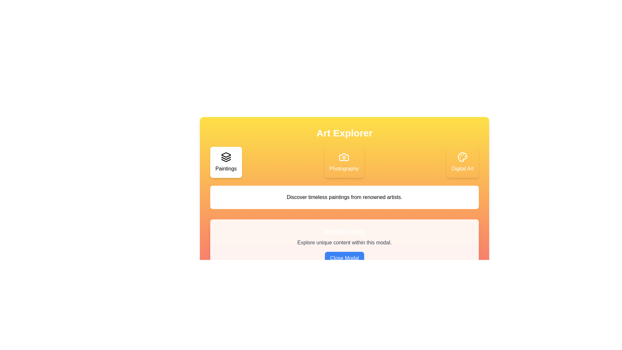 This screenshot has width=622, height=350. I want to click on the 'Close Modal' button to close the modal dialog, so click(344, 258).